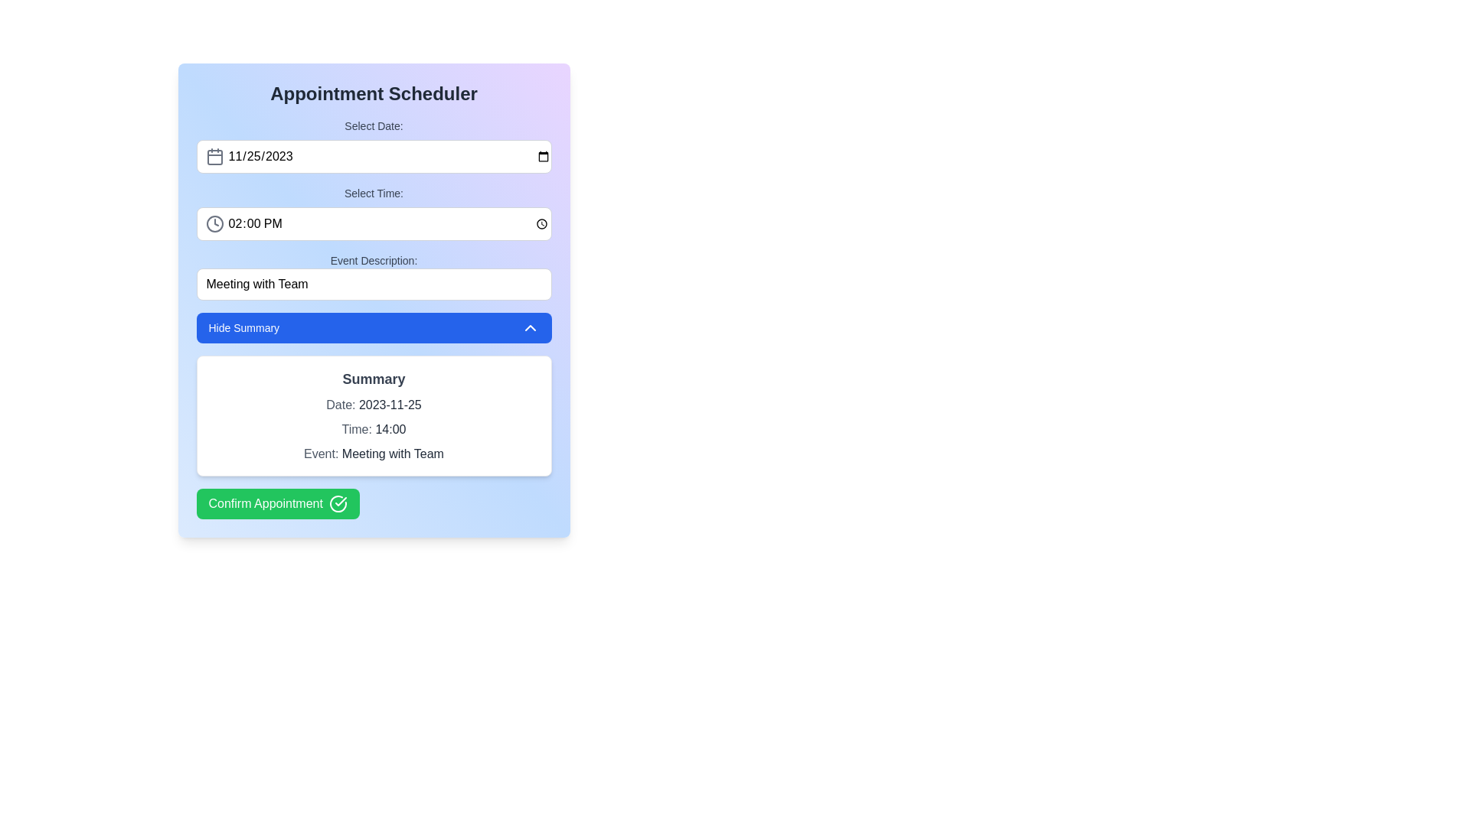  Describe the element at coordinates (374, 146) in the screenshot. I see `the label for the date selection field located at the top of the form, directly above the 'Select Time:' field` at that location.